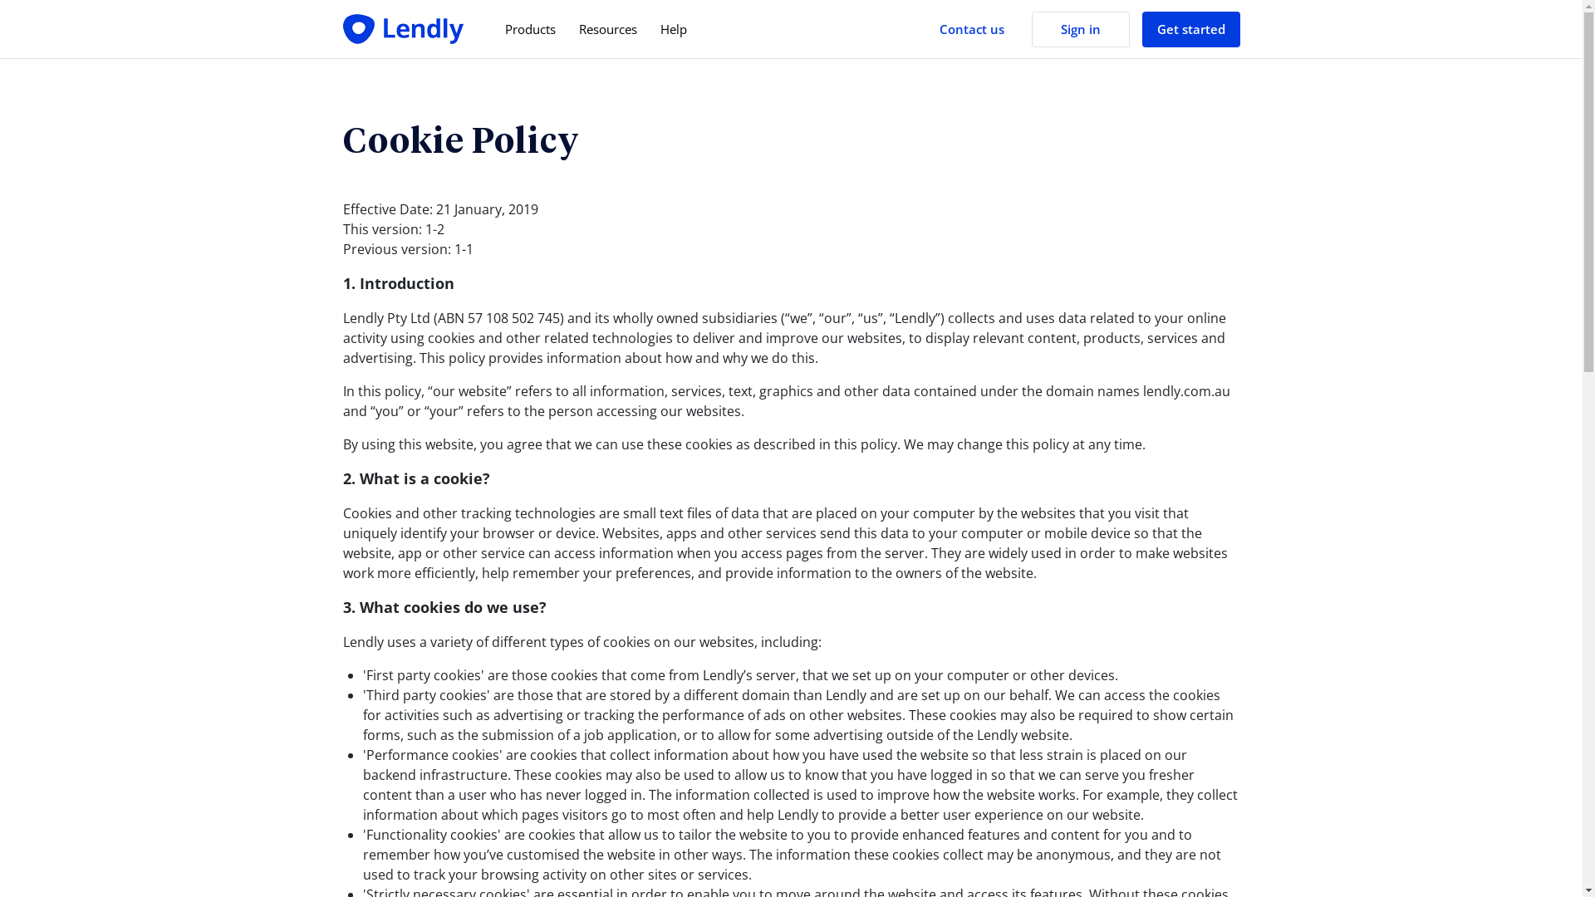 Image resolution: width=1595 pixels, height=897 pixels. I want to click on 'Get started', so click(1140, 29).